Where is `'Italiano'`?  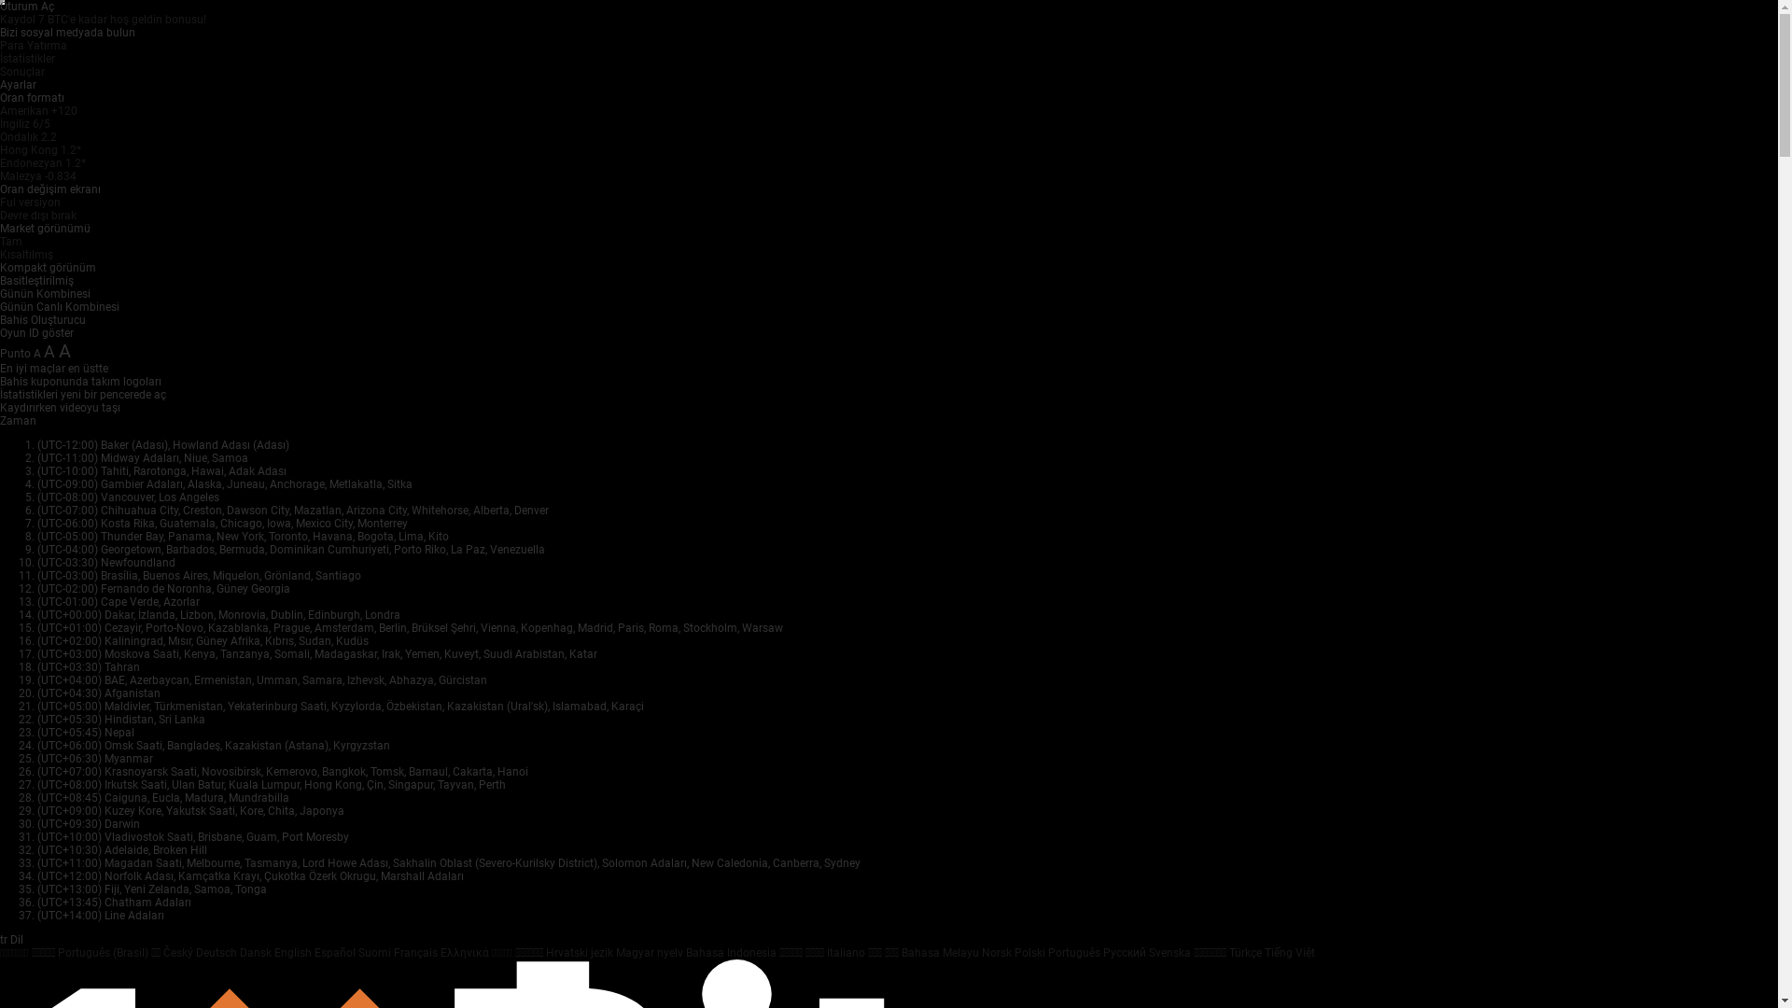 'Italiano' is located at coordinates (846, 953).